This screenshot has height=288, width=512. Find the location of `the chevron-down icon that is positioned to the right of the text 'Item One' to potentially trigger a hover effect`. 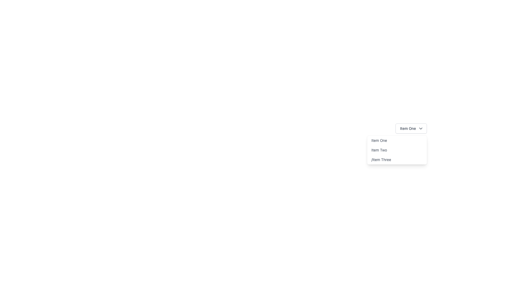

the chevron-down icon that is positioned to the right of the text 'Item One' to potentially trigger a hover effect is located at coordinates (420, 129).